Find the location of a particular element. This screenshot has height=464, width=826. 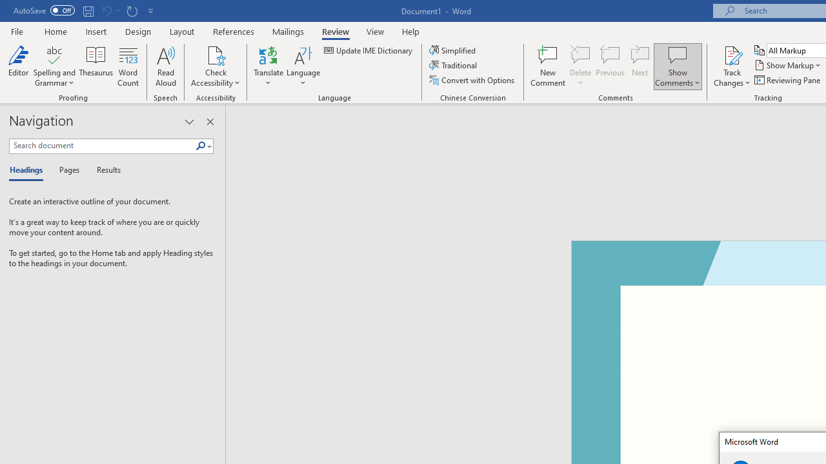

'Results' is located at coordinates (104, 170).